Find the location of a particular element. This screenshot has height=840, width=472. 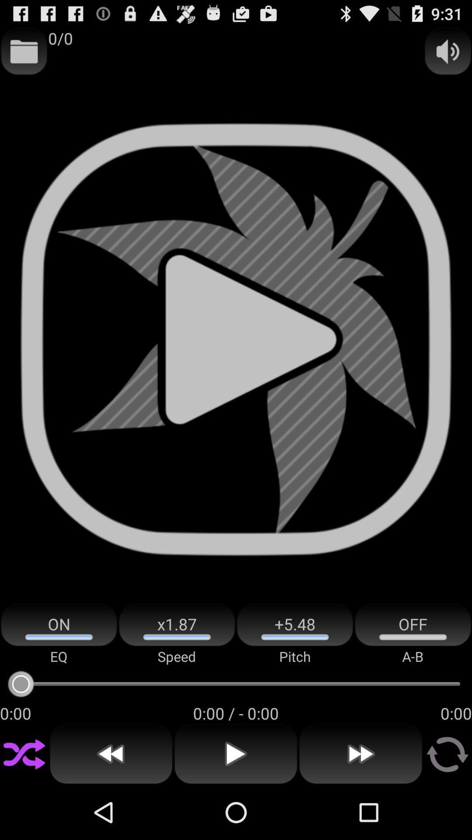

item to the left of 0/0 icon is located at coordinates (24, 51).